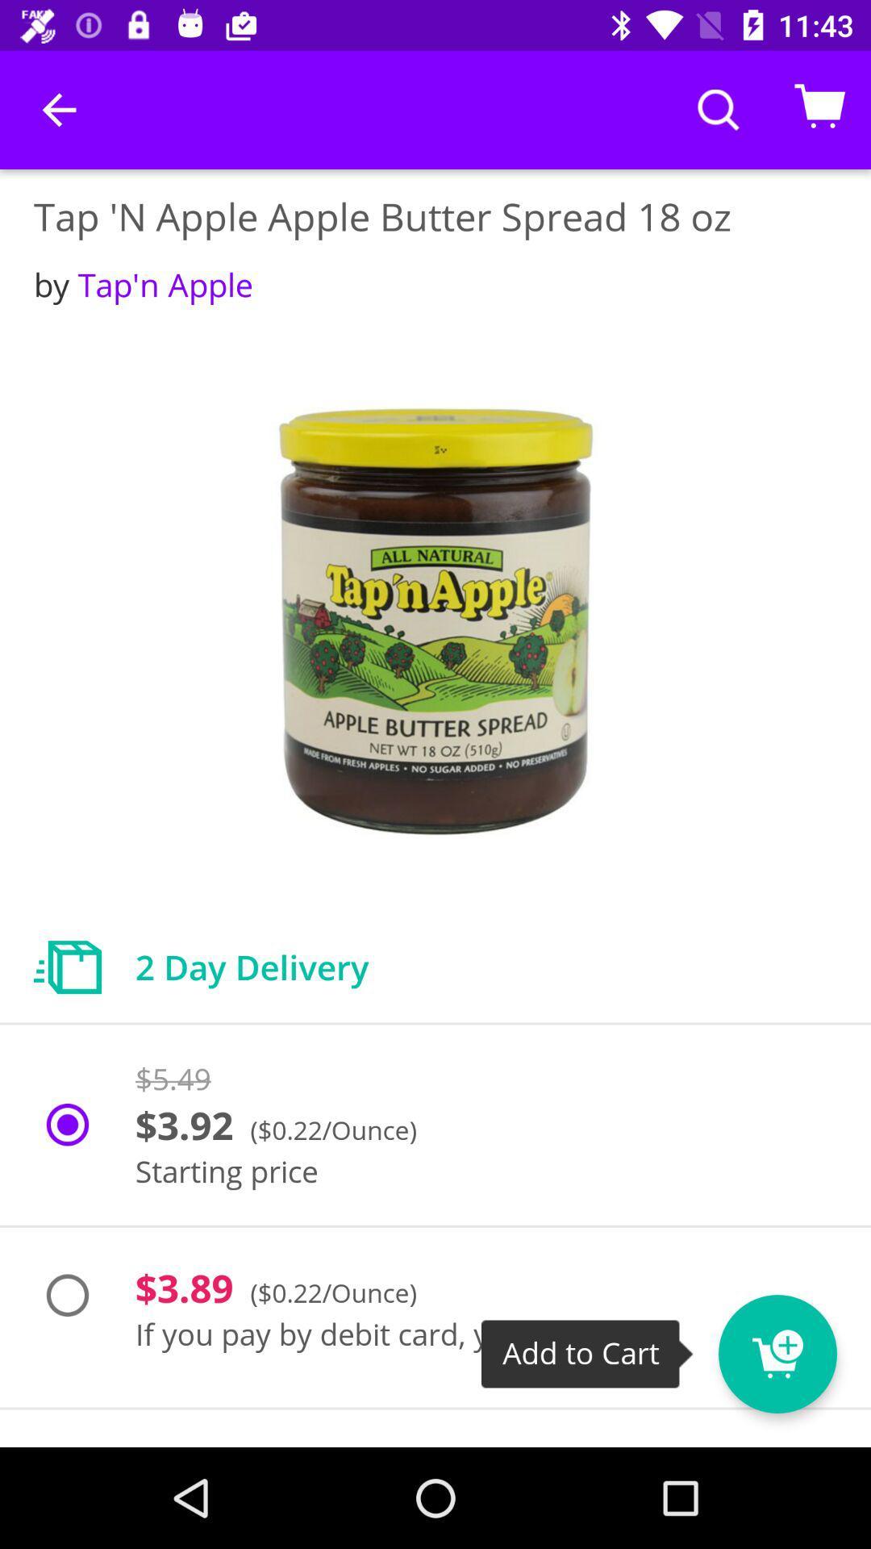 The image size is (871, 1549). I want to click on the item below the by tap n item, so click(435, 622).